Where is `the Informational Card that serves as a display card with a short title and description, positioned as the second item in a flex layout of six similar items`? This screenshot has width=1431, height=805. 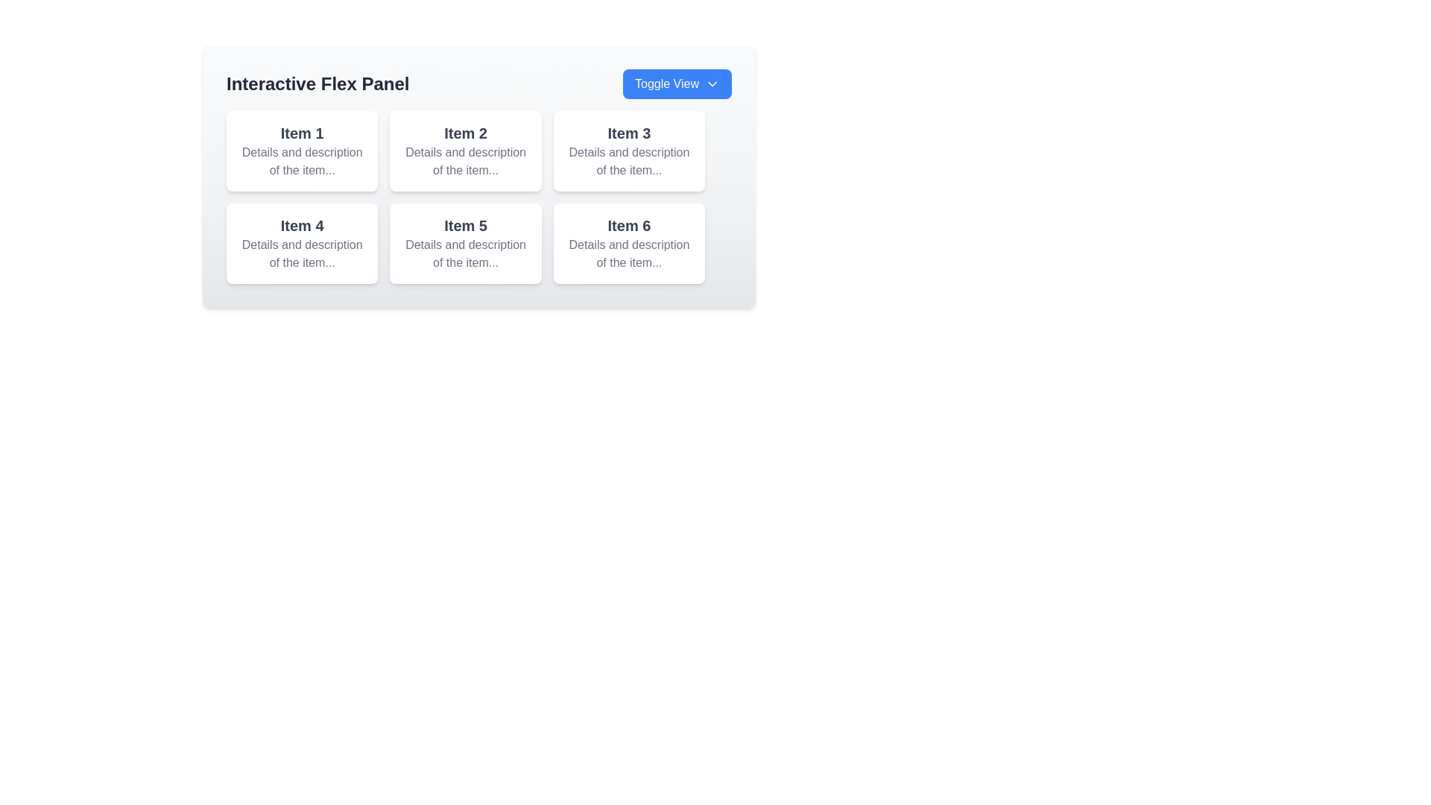
the Informational Card that serves as a display card with a short title and description, positioned as the second item in a flex layout of six similar items is located at coordinates (465, 151).